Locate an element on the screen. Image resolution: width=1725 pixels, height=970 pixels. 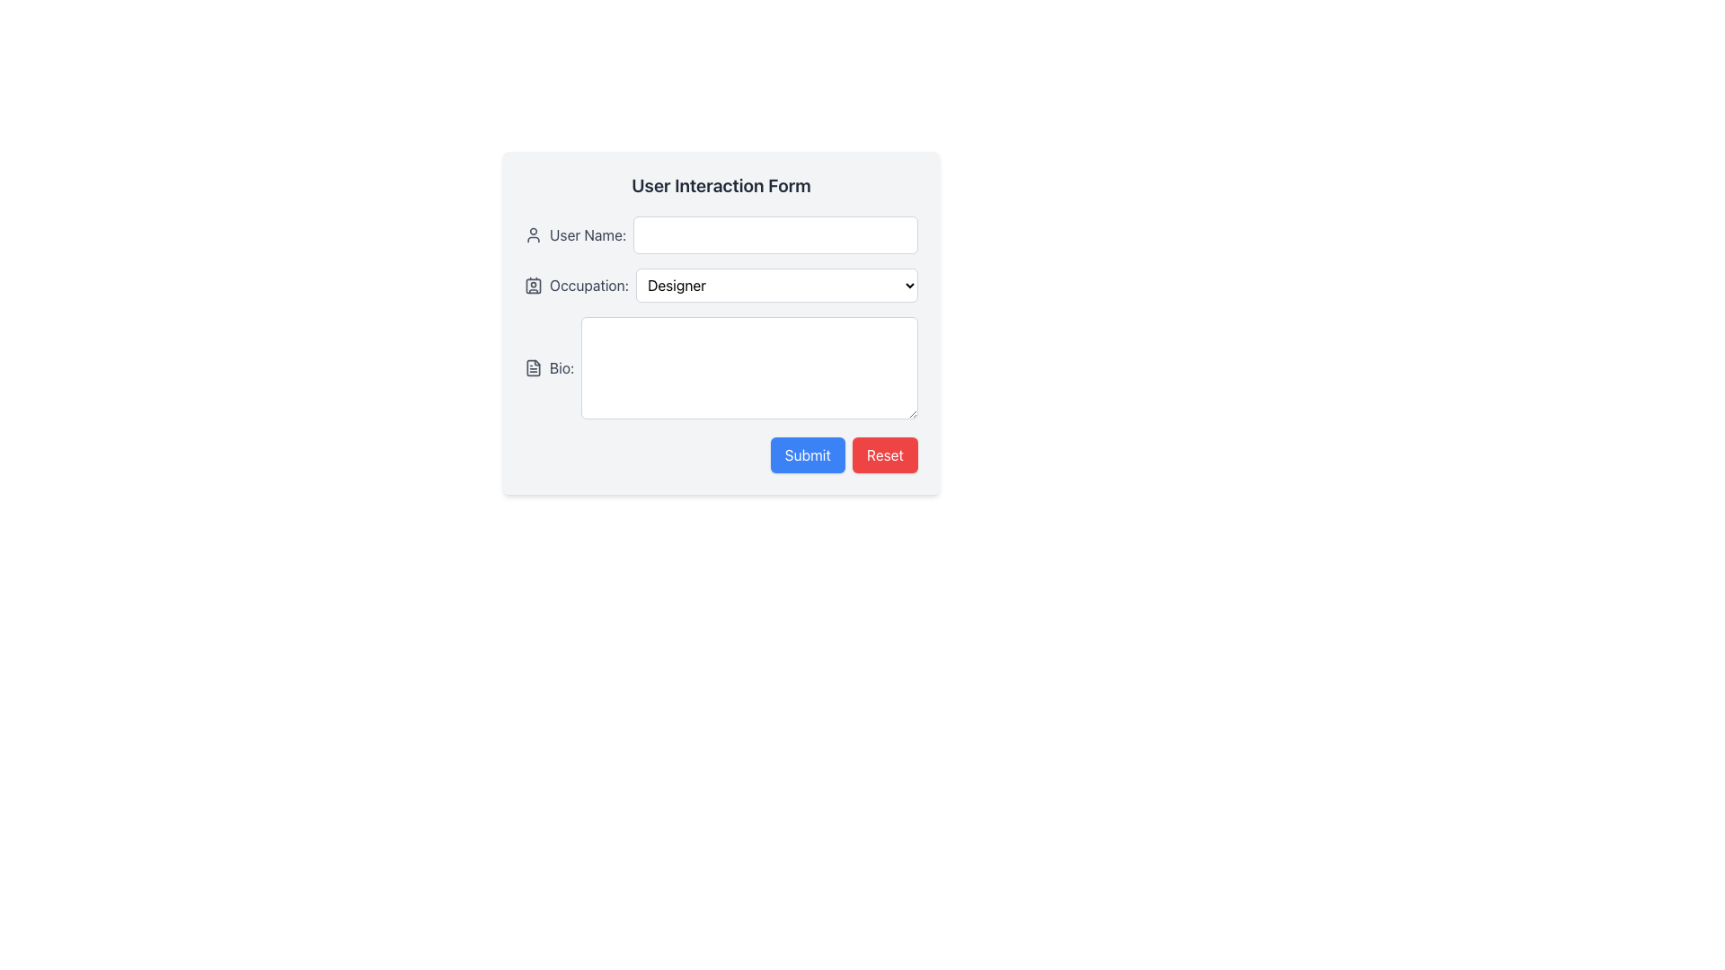
an occupation from the dropdown menu situated to the right of the label 'Occupation:' in the vertical form layout is located at coordinates (776, 284).